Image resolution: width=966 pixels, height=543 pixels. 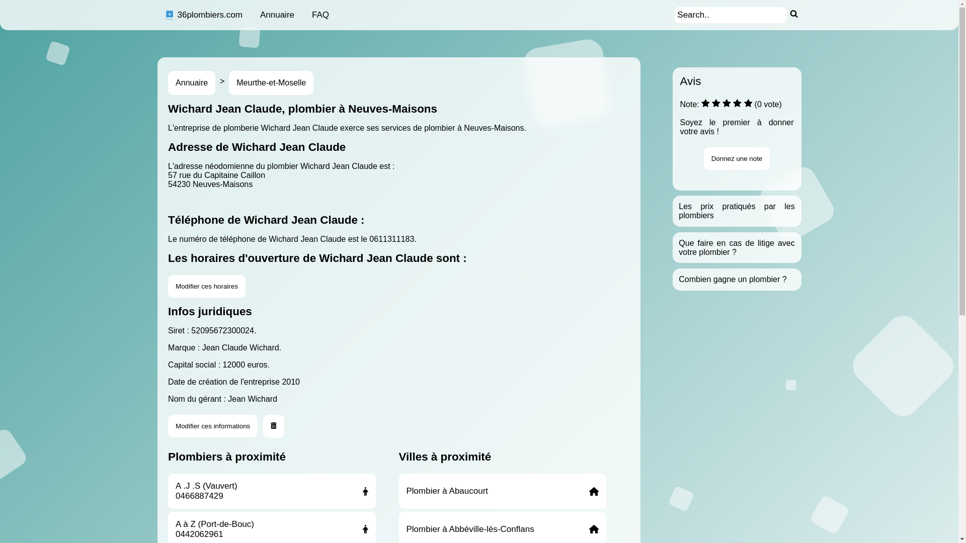 What do you see at coordinates (391, 239) in the screenshot?
I see `'0611311183'` at bounding box center [391, 239].